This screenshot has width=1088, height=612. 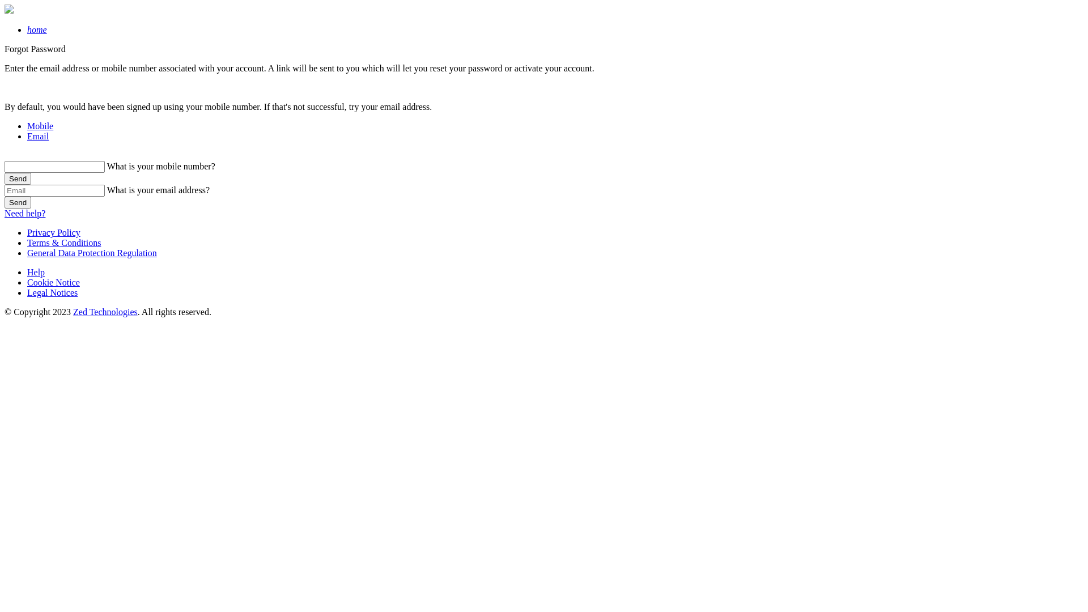 What do you see at coordinates (92, 252) in the screenshot?
I see `'General Data Protection Regulation'` at bounding box center [92, 252].